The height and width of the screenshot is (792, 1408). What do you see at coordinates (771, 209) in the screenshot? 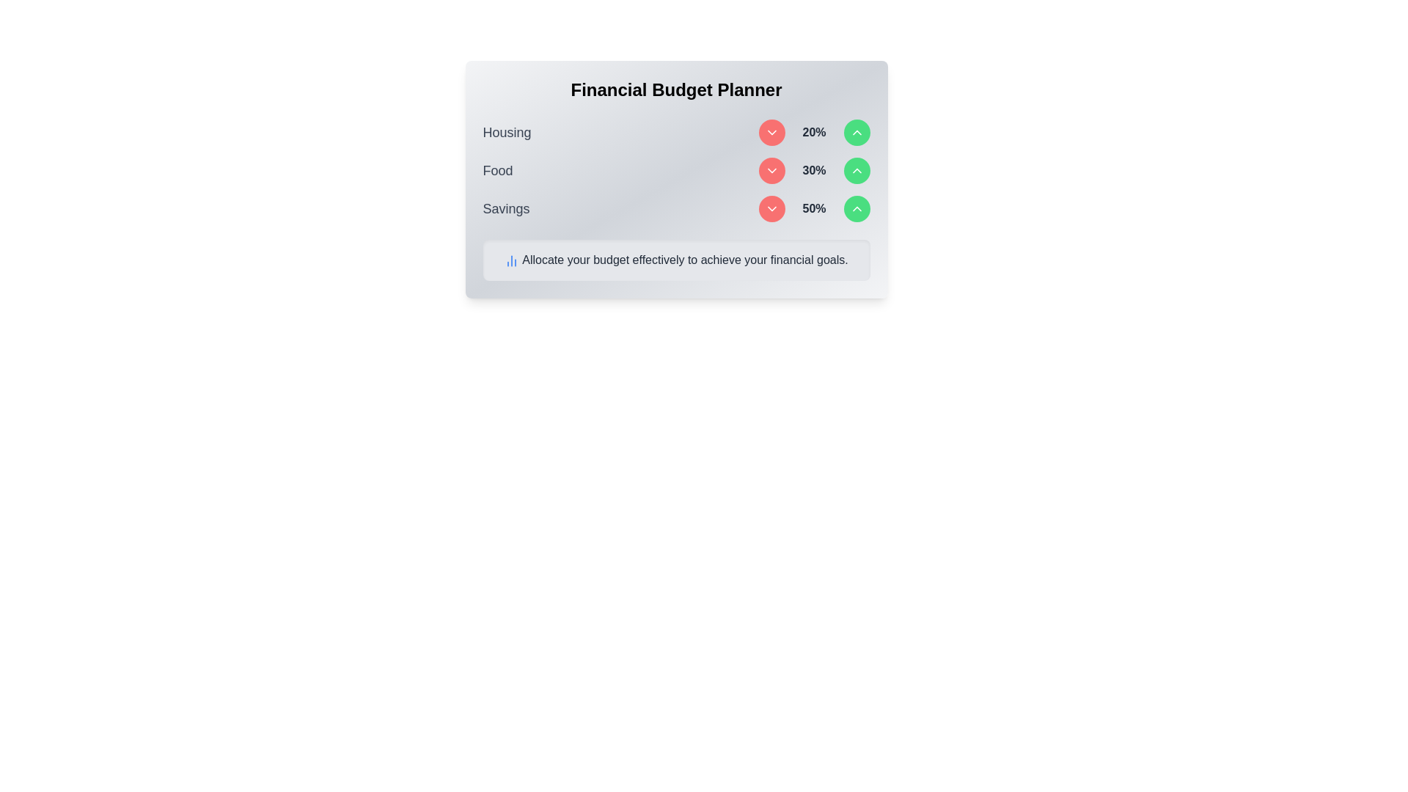
I see `the circular button with a red background featuring a white downward chevron in the Savings row of the Financial Budget Planner interface to change its background color` at bounding box center [771, 209].